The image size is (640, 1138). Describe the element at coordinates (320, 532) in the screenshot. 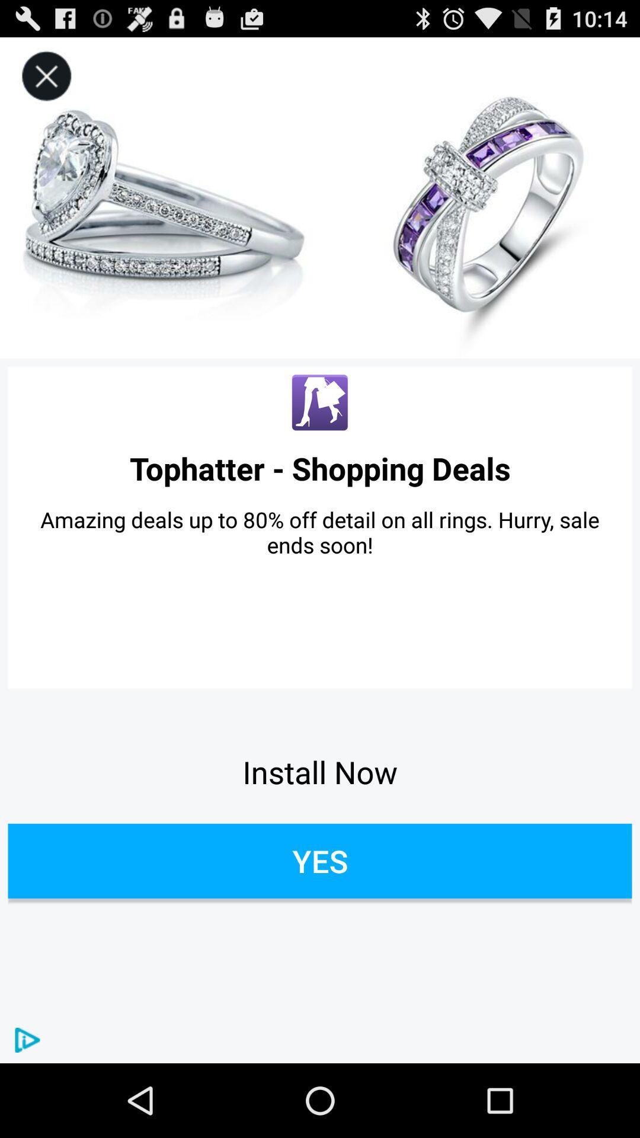

I see `icon above the install now app` at that location.